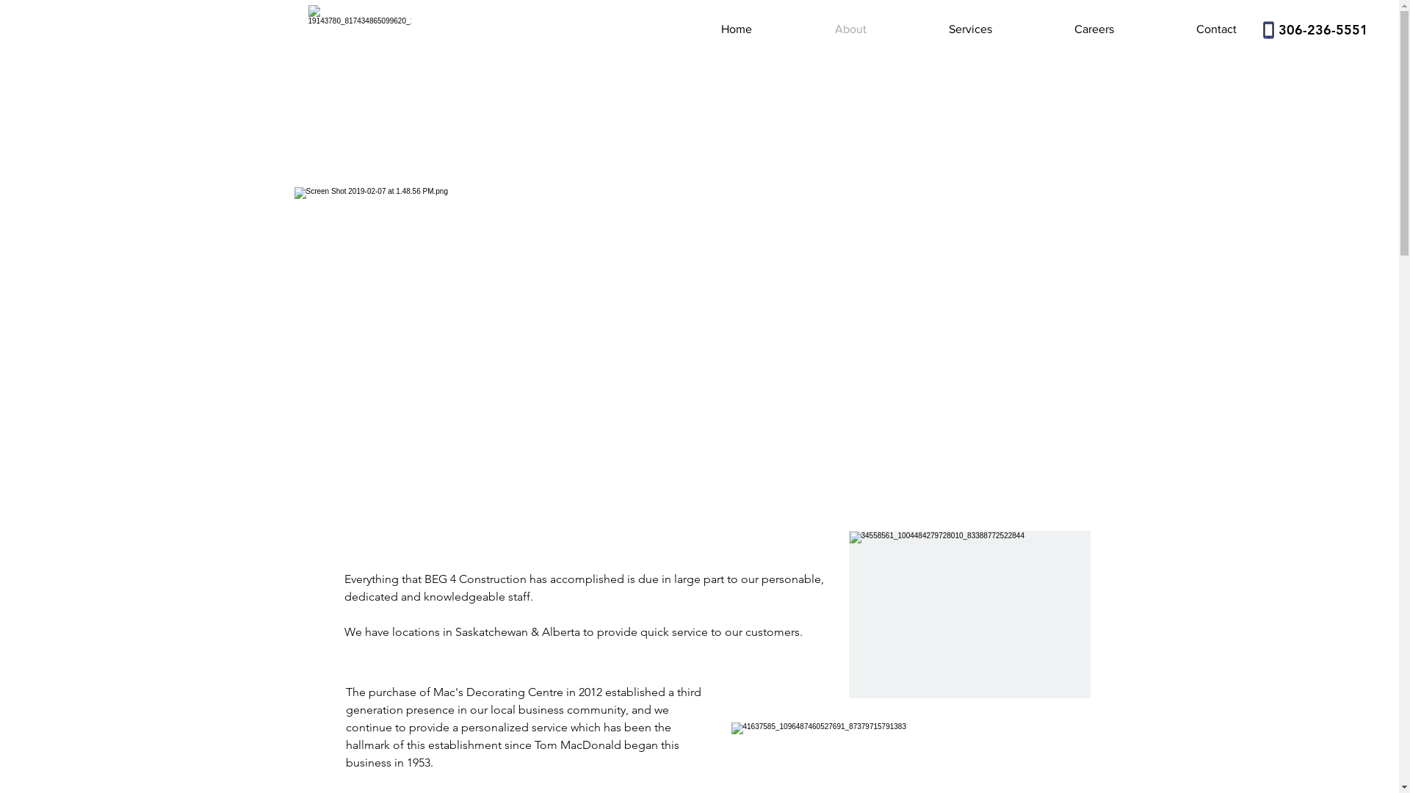 The width and height of the screenshot is (1410, 793). I want to click on 'Contact', so click(1186, 29).